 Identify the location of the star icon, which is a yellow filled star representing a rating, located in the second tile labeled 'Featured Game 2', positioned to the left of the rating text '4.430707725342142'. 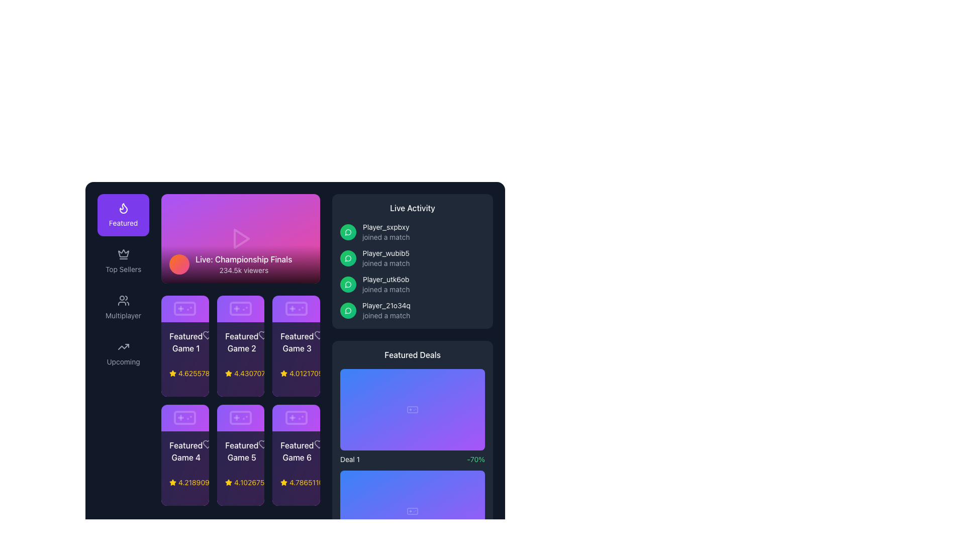
(228, 373).